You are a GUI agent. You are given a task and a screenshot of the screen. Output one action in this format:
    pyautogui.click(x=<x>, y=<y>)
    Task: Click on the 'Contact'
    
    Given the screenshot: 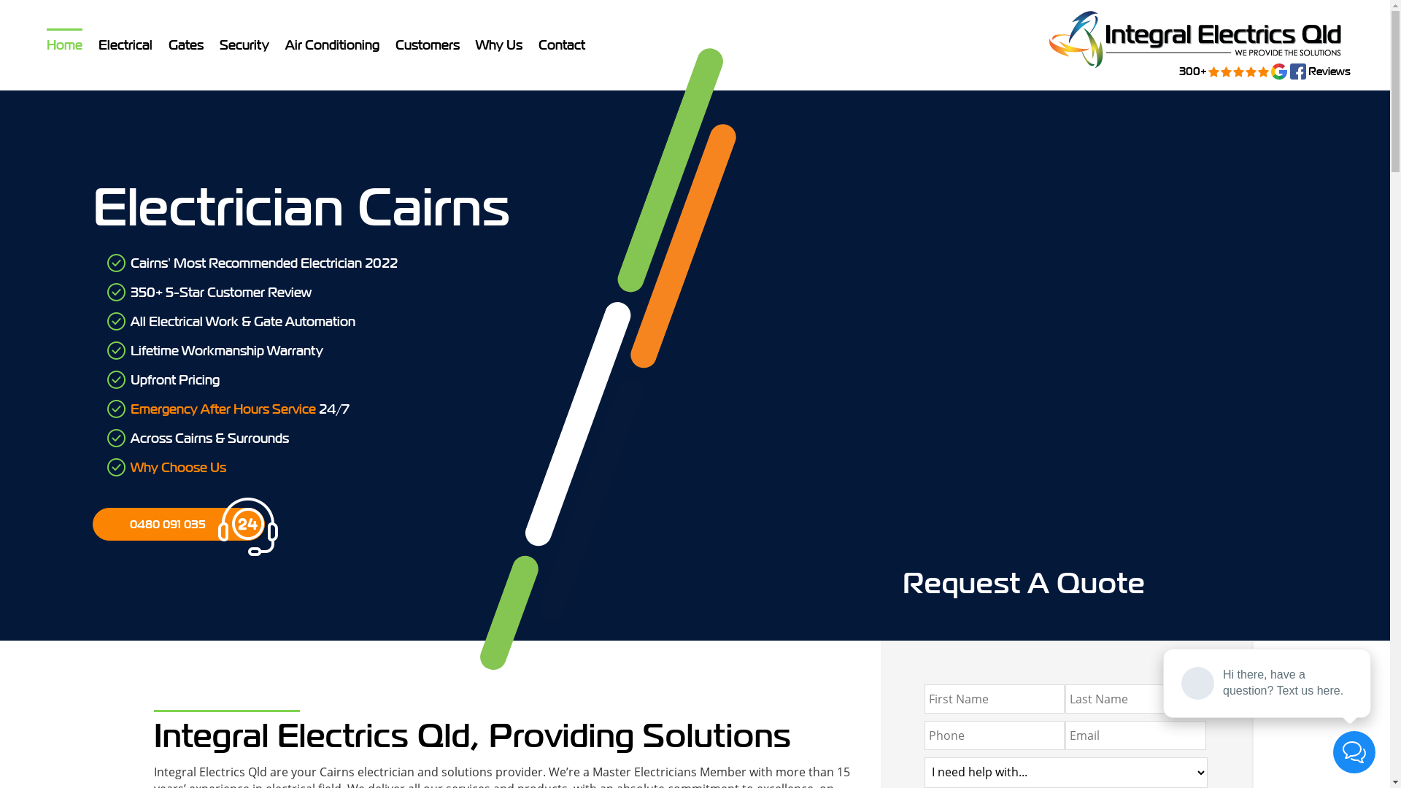 What is the action you would take?
    pyautogui.click(x=560, y=44)
    